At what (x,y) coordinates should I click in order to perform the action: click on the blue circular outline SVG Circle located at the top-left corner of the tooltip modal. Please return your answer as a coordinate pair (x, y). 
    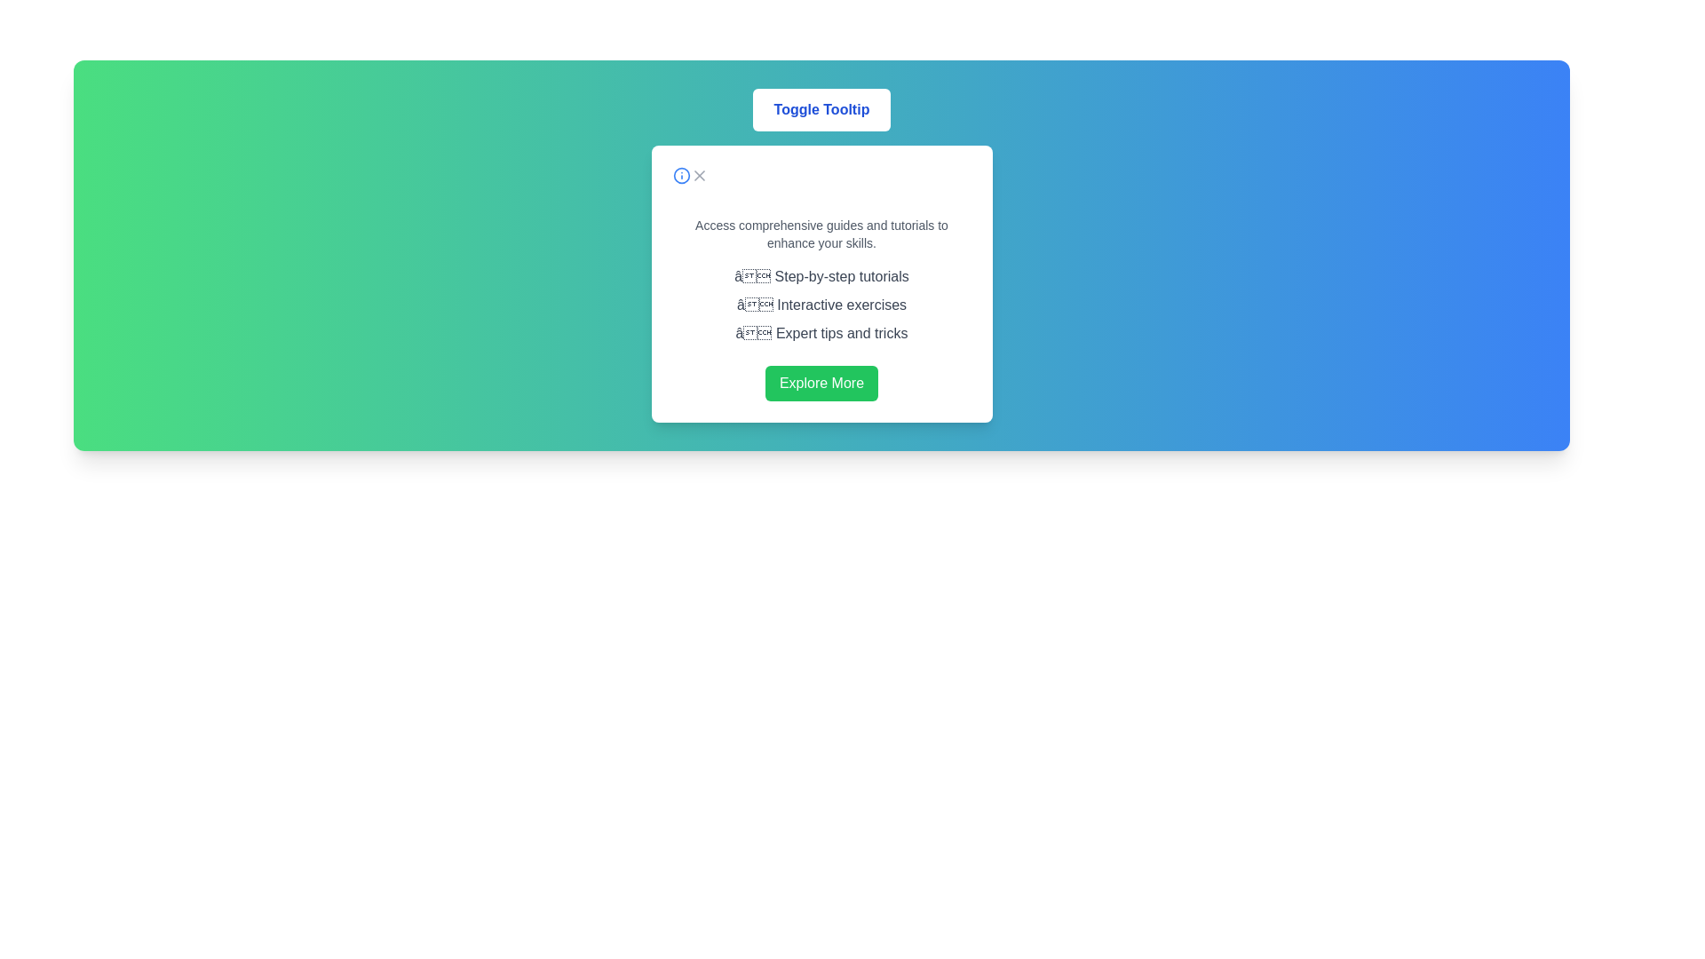
    Looking at the image, I should click on (680, 175).